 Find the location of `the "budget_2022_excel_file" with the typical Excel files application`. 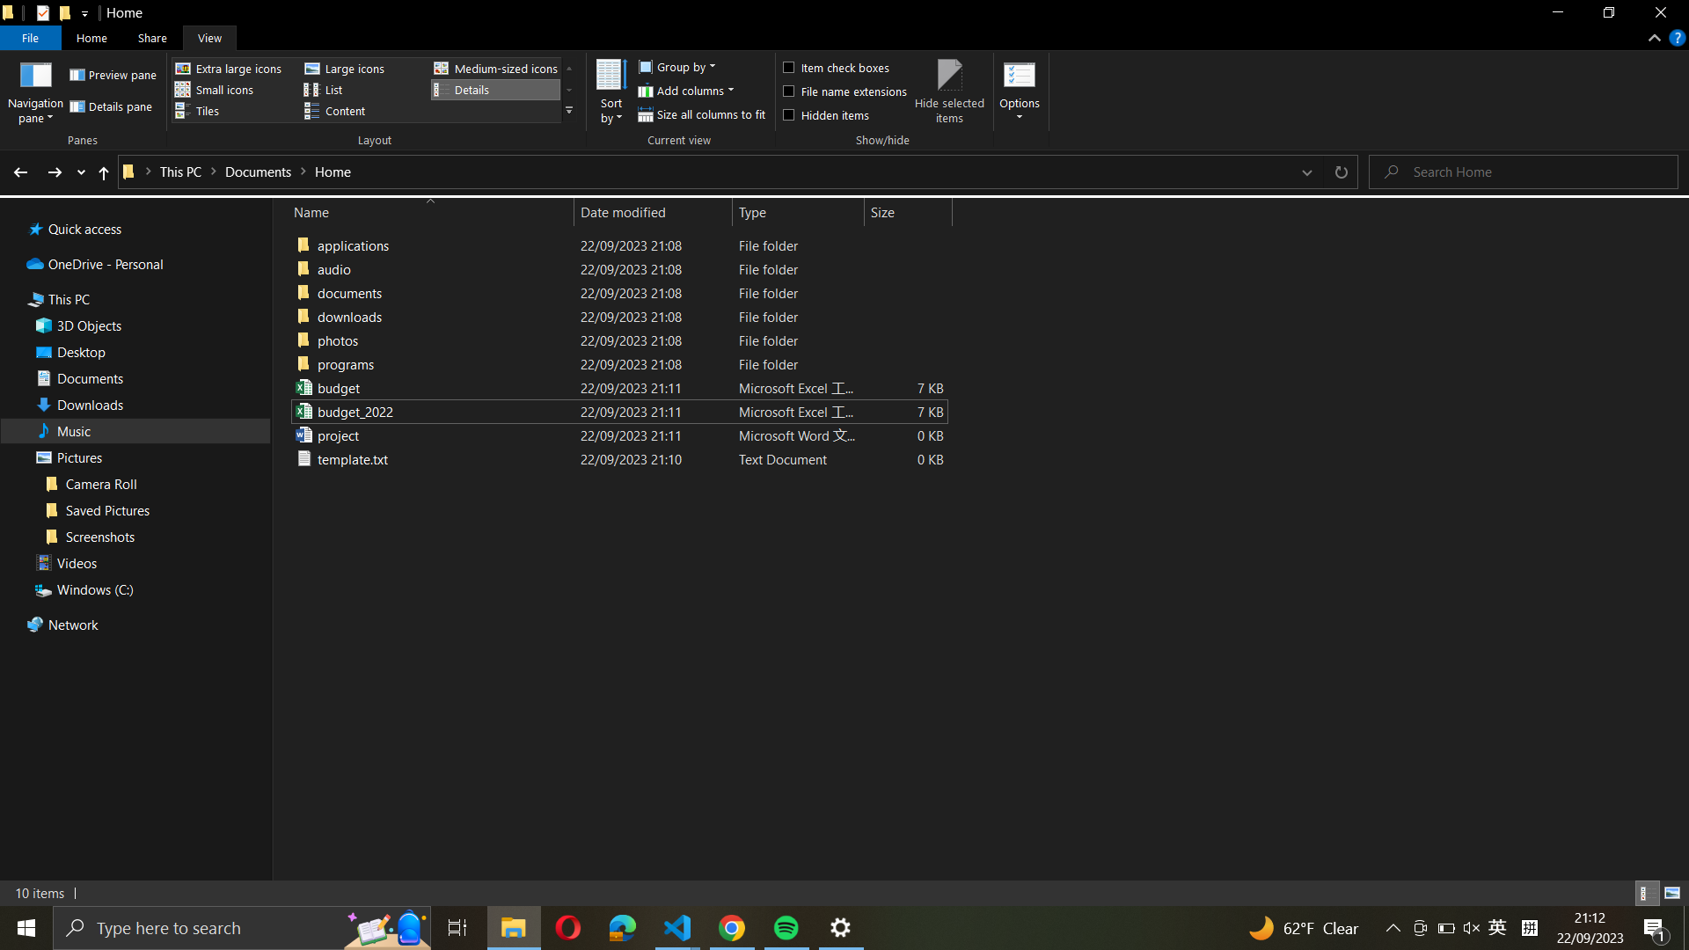

the "budget_2022_excel_file" with the typical Excel files application is located at coordinates (616, 411).